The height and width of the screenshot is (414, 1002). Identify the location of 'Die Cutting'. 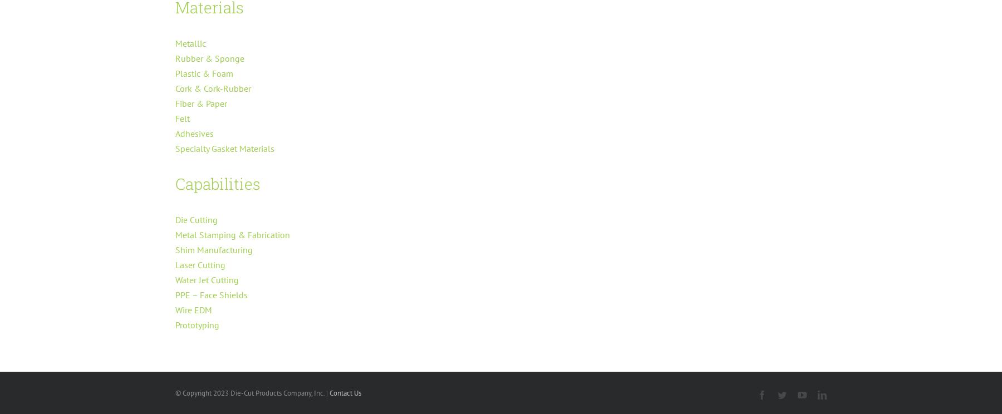
(196, 219).